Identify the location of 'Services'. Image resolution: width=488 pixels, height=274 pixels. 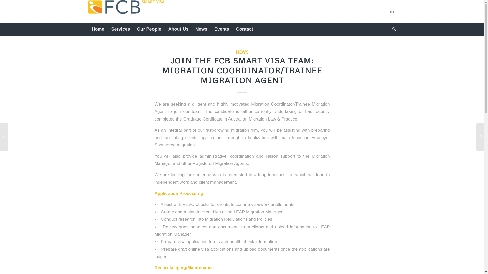
(120, 29).